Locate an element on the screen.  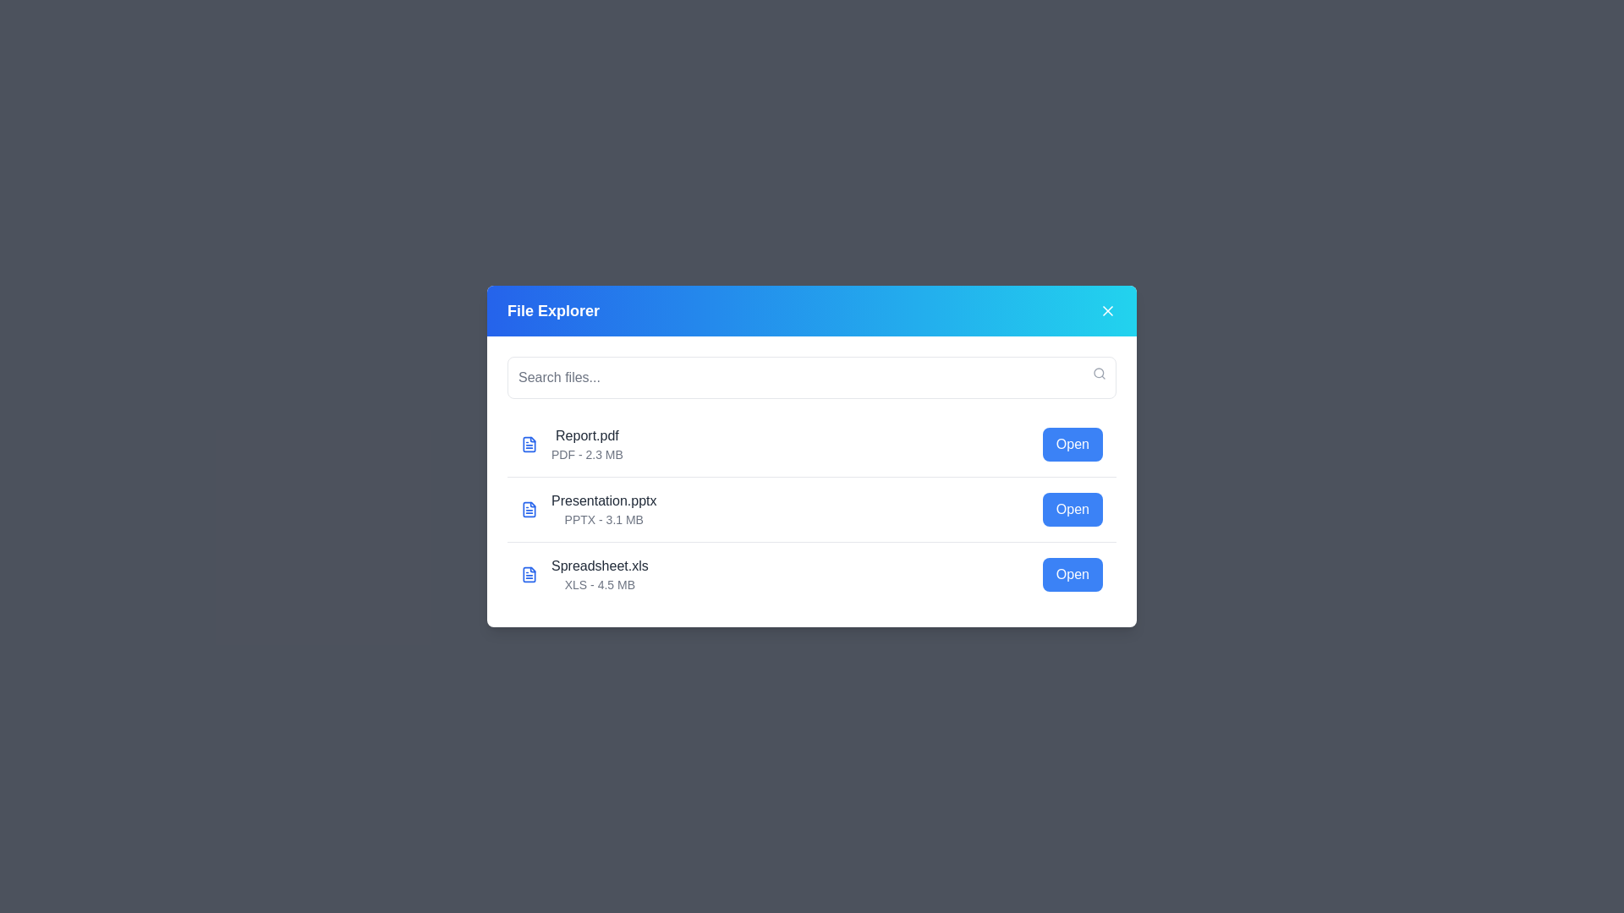
'Open' button for the file named Presentation.pptx is located at coordinates (1072, 508).